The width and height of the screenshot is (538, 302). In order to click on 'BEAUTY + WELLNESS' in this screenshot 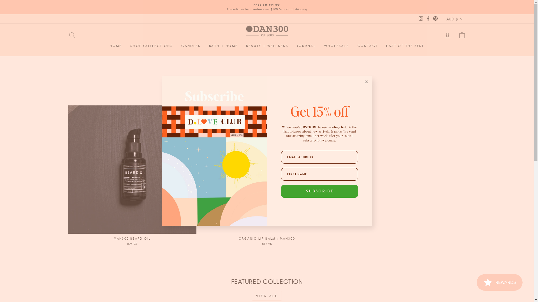, I will do `click(267, 46)`.